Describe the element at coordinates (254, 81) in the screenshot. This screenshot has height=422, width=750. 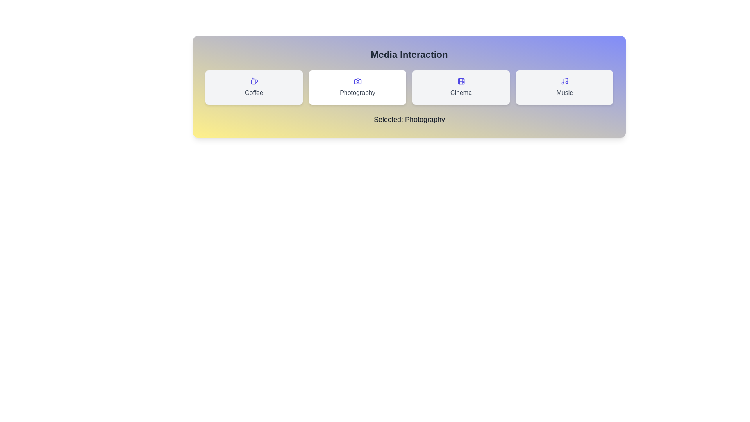
I see `the 'Coffee' icon located in the center of the 'Coffee' card, directly above the text 'Coffee', in the first card of four horizontally aligned cards` at that location.